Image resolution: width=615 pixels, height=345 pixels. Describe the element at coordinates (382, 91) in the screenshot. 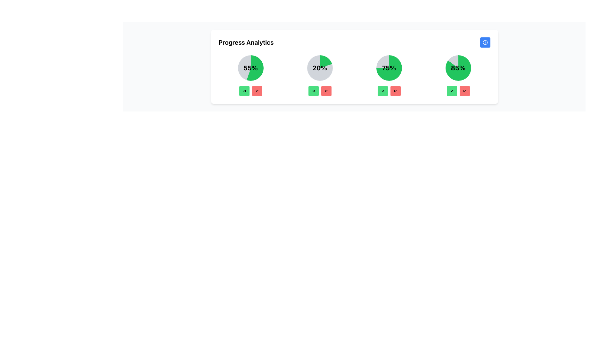

I see `the circular green button with an upward-right-pointing arrow icon located in the button group under the progress chart representing 75%` at that location.